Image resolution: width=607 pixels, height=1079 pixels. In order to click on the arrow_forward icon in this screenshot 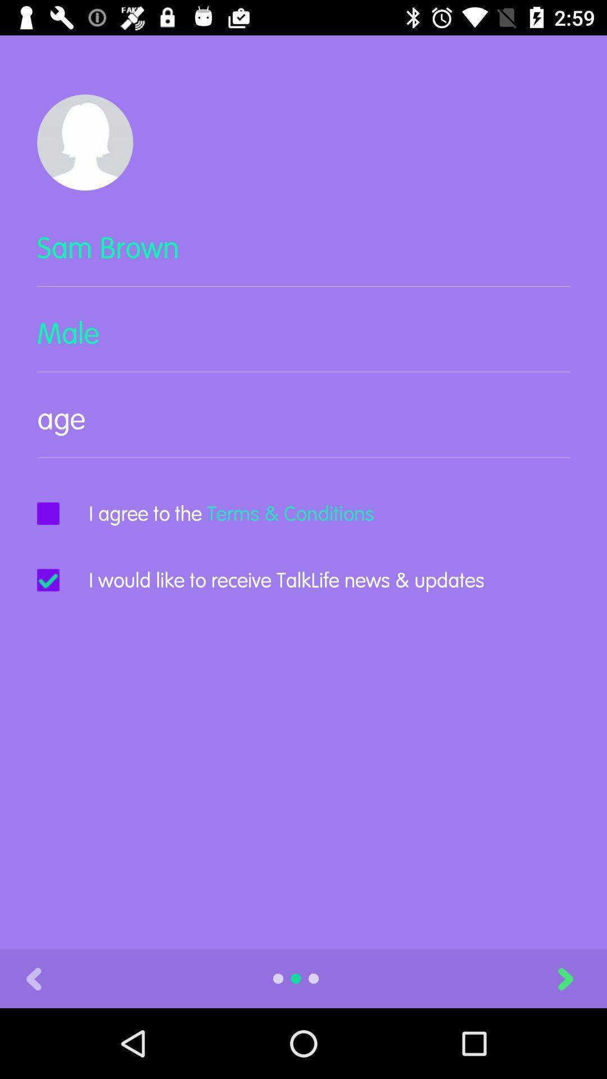, I will do `click(578, 978)`.